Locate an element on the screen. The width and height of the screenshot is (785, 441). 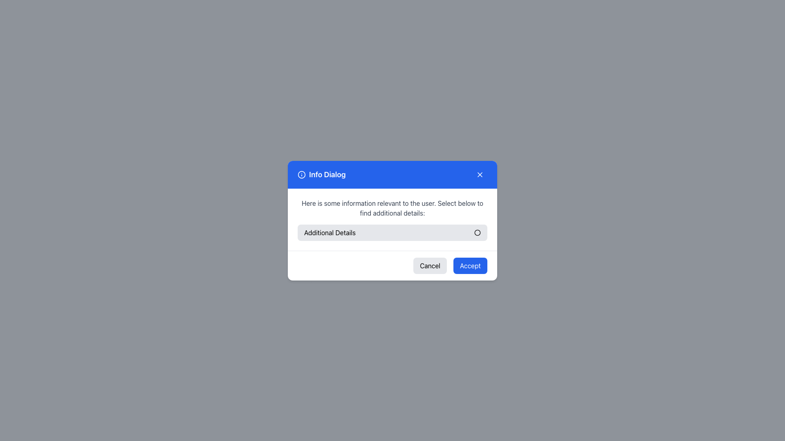
the close button with an 'X' icon located in the top-right corner of the blue header bar of the dialog box is located at coordinates (480, 174).